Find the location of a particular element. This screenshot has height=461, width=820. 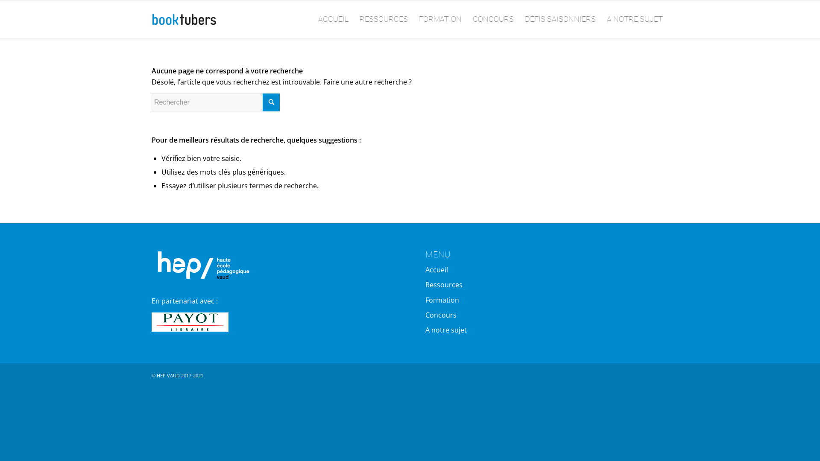

'RESSOURCES' is located at coordinates (383, 19).